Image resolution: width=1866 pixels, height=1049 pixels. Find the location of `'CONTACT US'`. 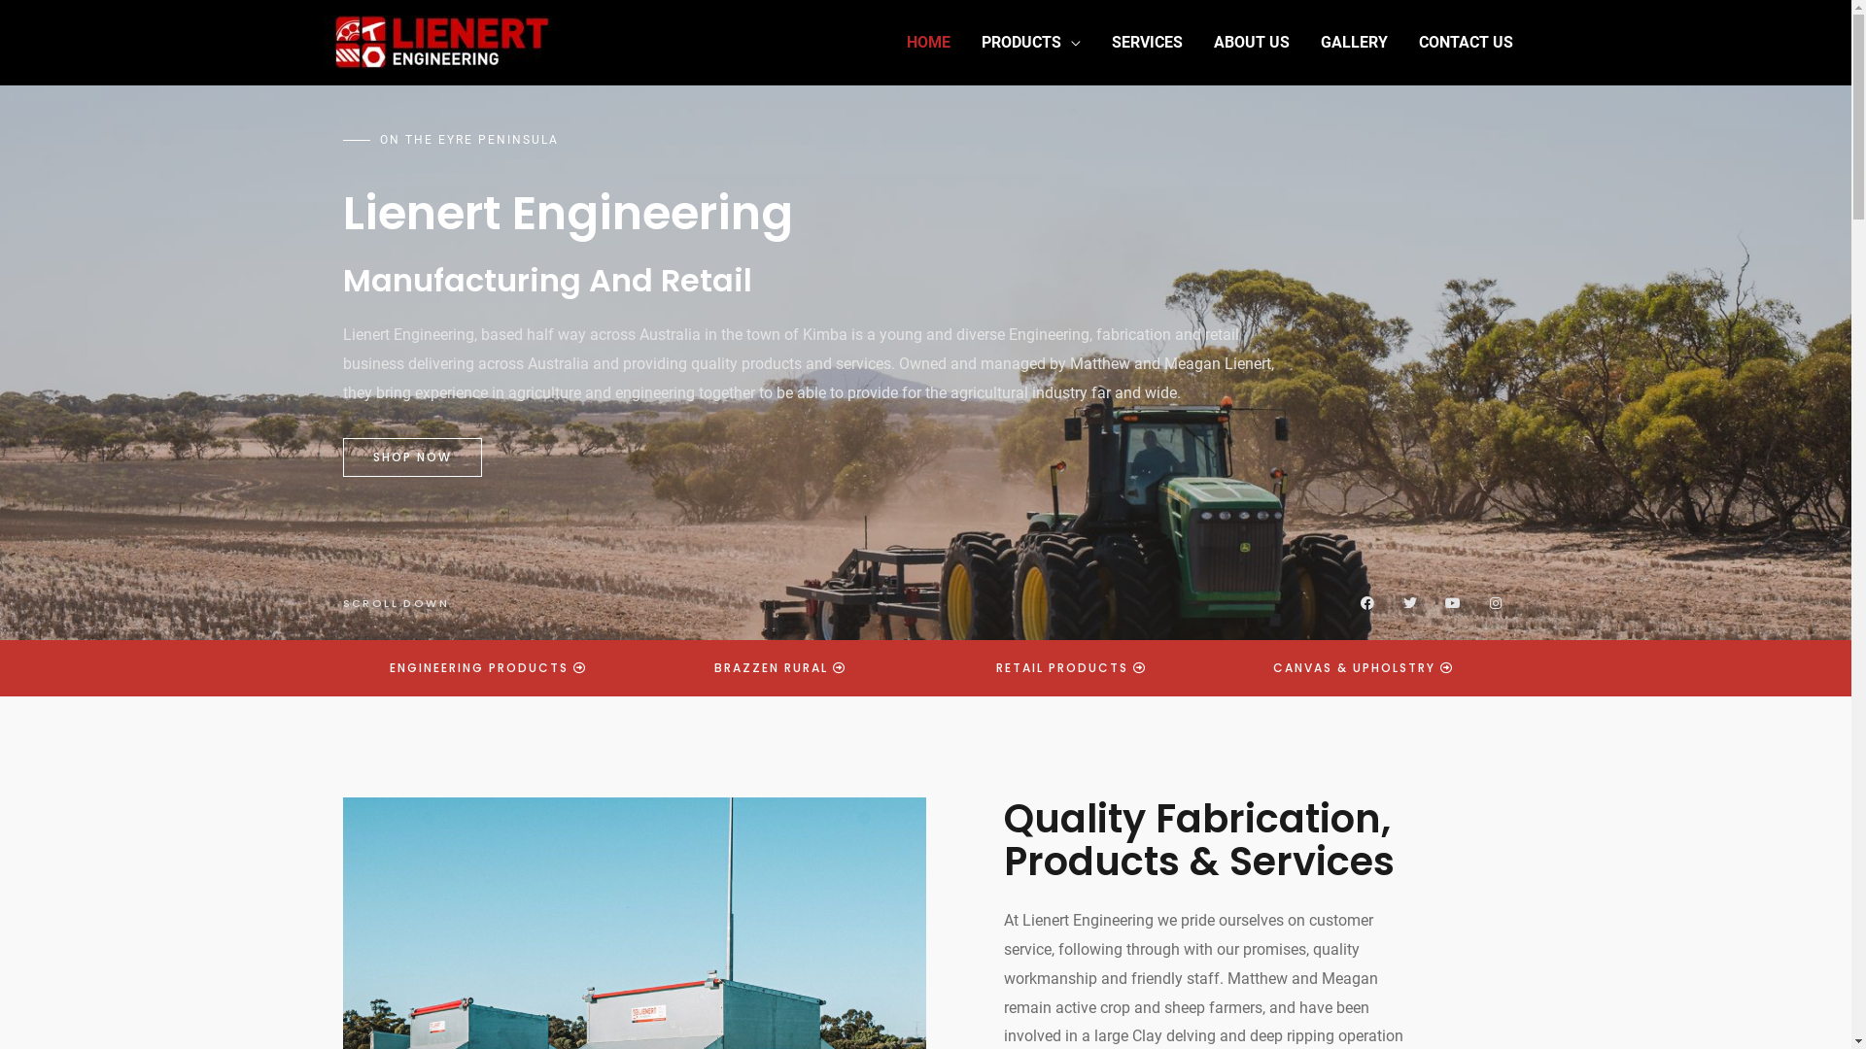

'CONTACT US' is located at coordinates (1466, 42).